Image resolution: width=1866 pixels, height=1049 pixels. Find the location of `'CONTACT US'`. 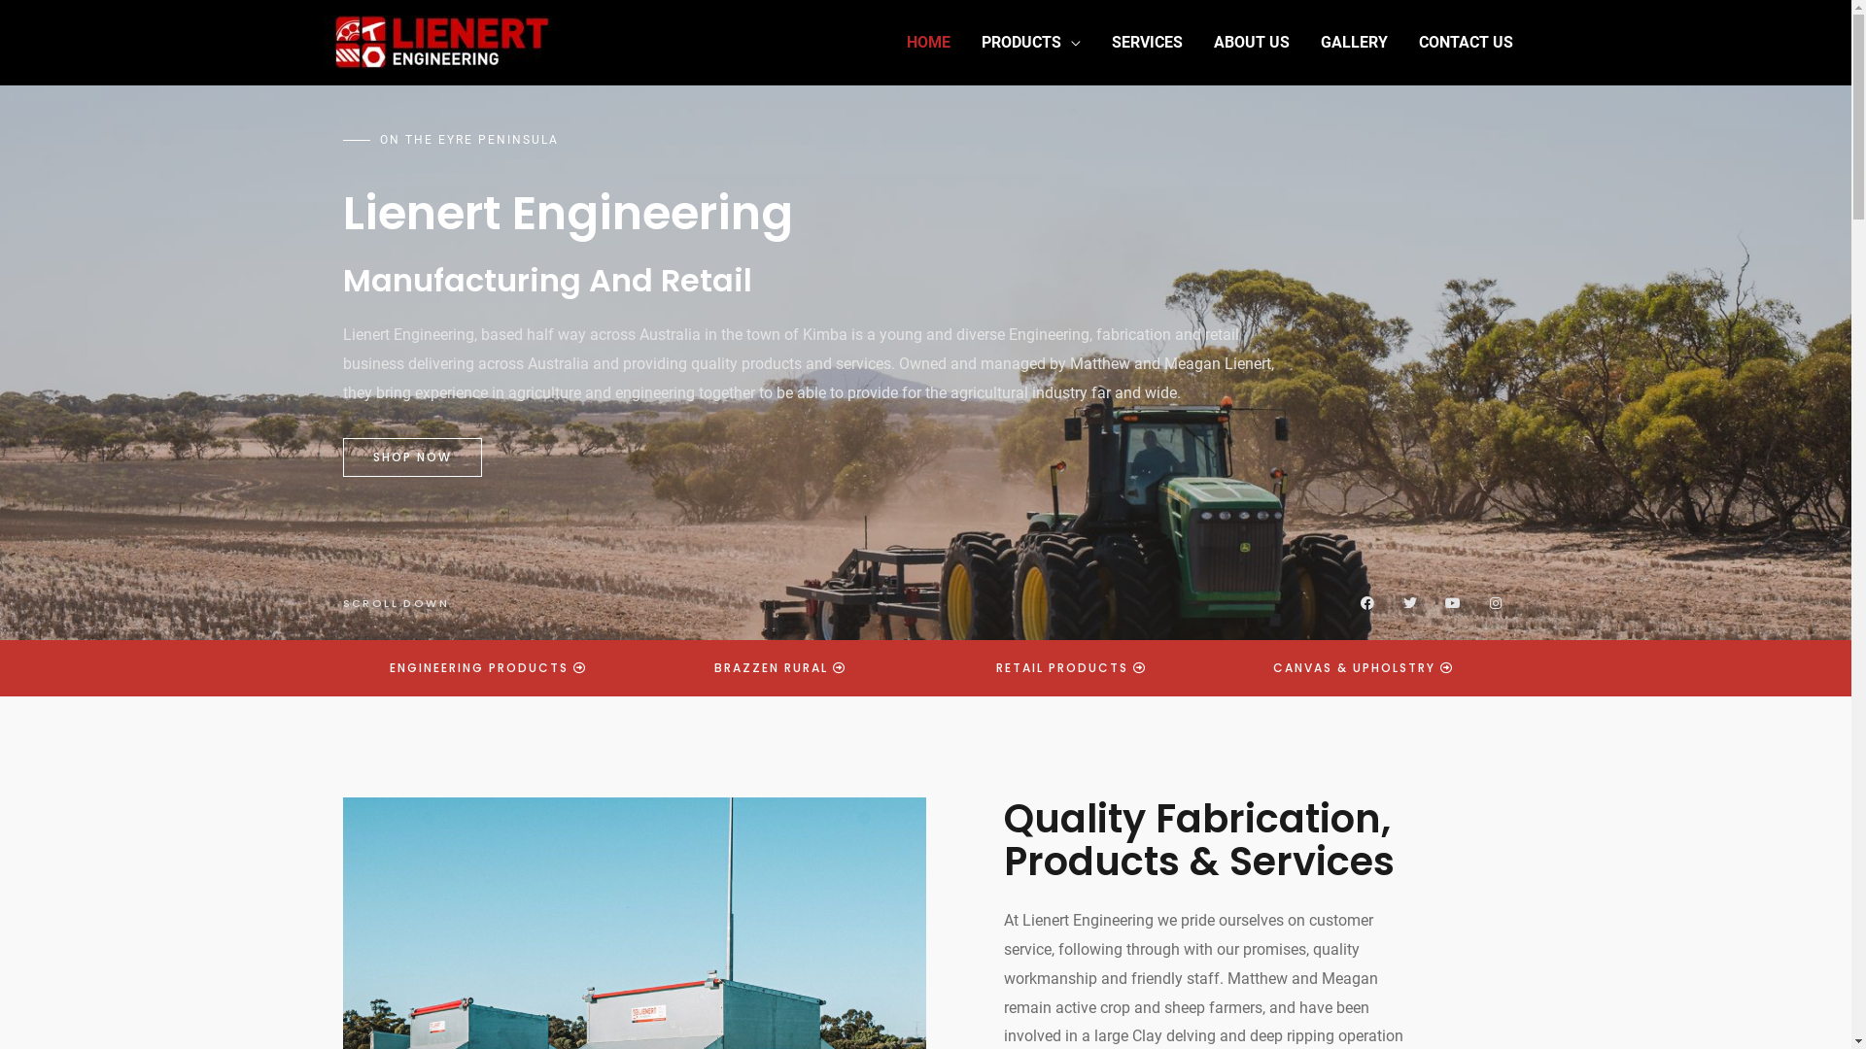

'CONTACT US' is located at coordinates (1466, 42).